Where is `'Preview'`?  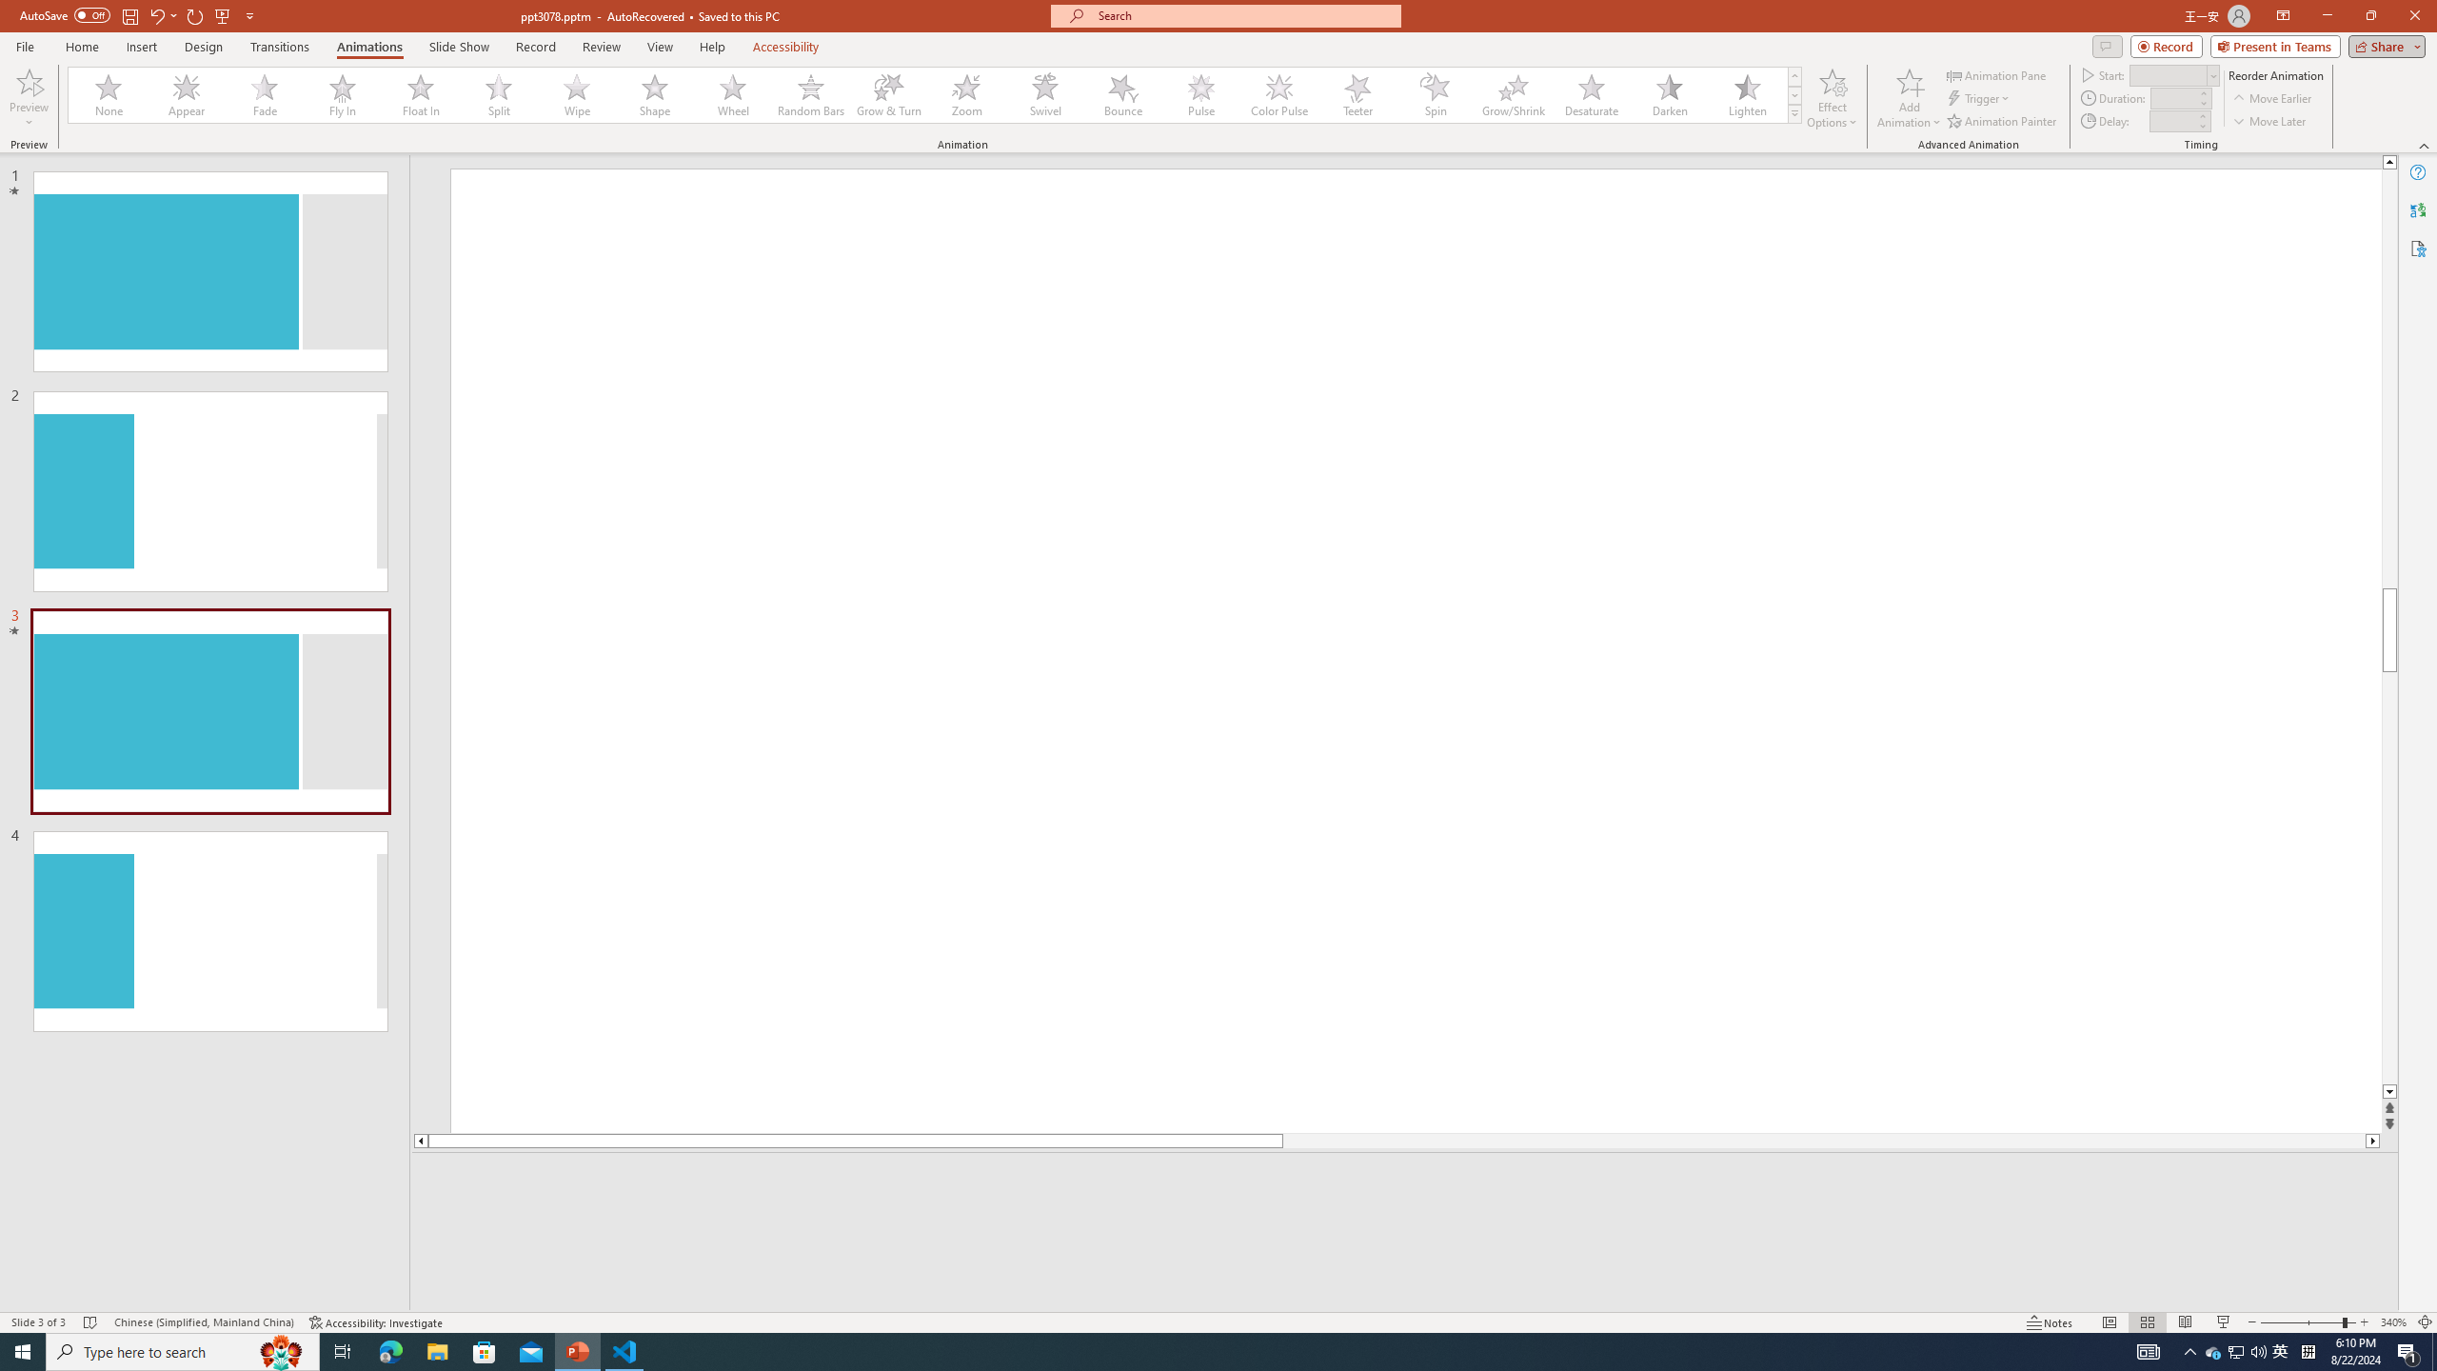
'Preview' is located at coordinates (28, 98).